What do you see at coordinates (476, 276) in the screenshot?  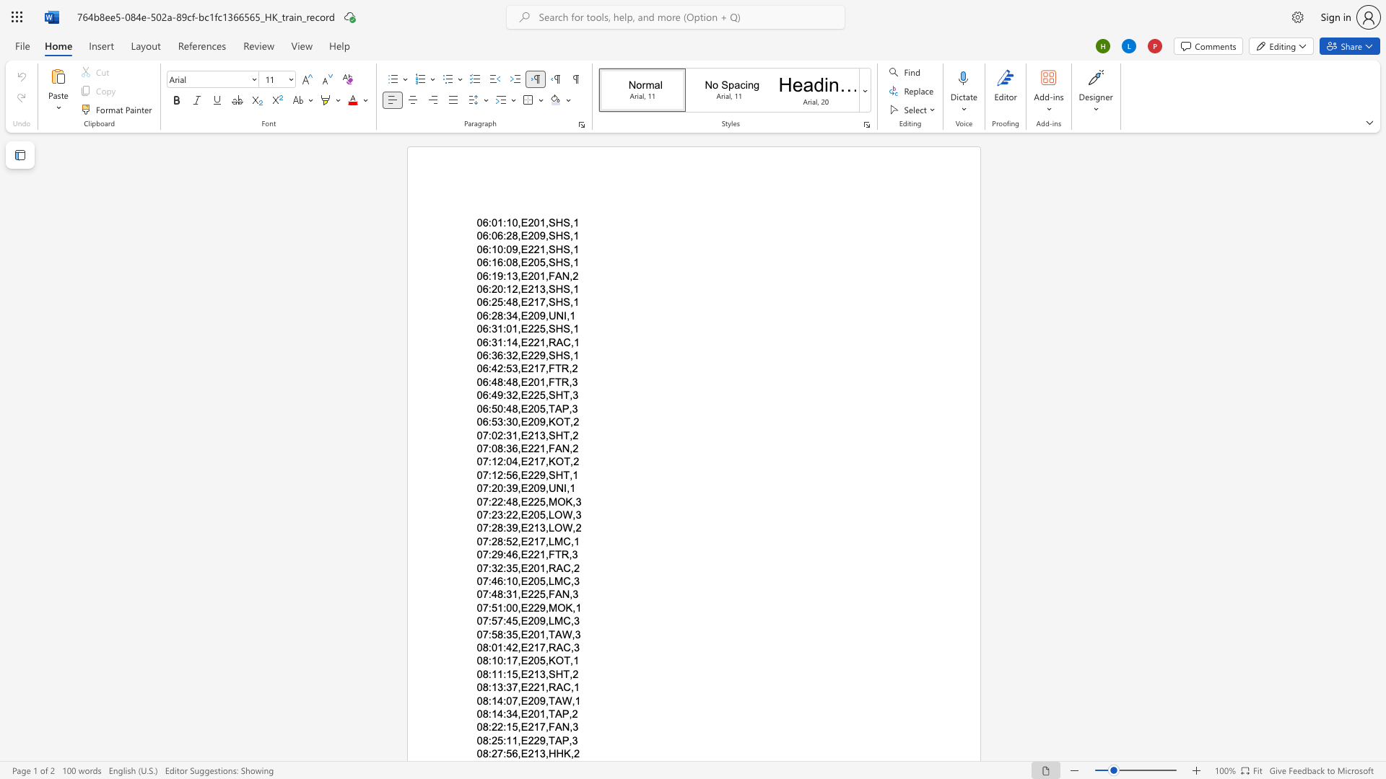 I see `the subset text "06:19:13," within the text "06:19:13,E201,FAN,2"` at bounding box center [476, 276].